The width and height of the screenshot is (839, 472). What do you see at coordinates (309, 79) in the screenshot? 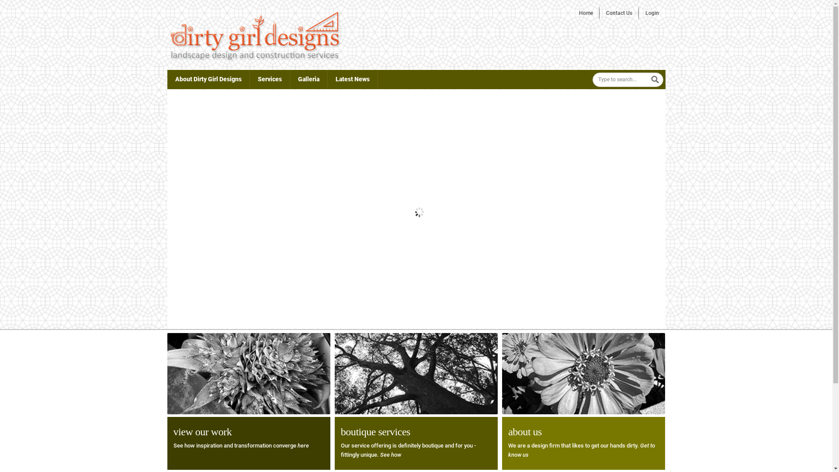
I see `'Galleria'` at bounding box center [309, 79].